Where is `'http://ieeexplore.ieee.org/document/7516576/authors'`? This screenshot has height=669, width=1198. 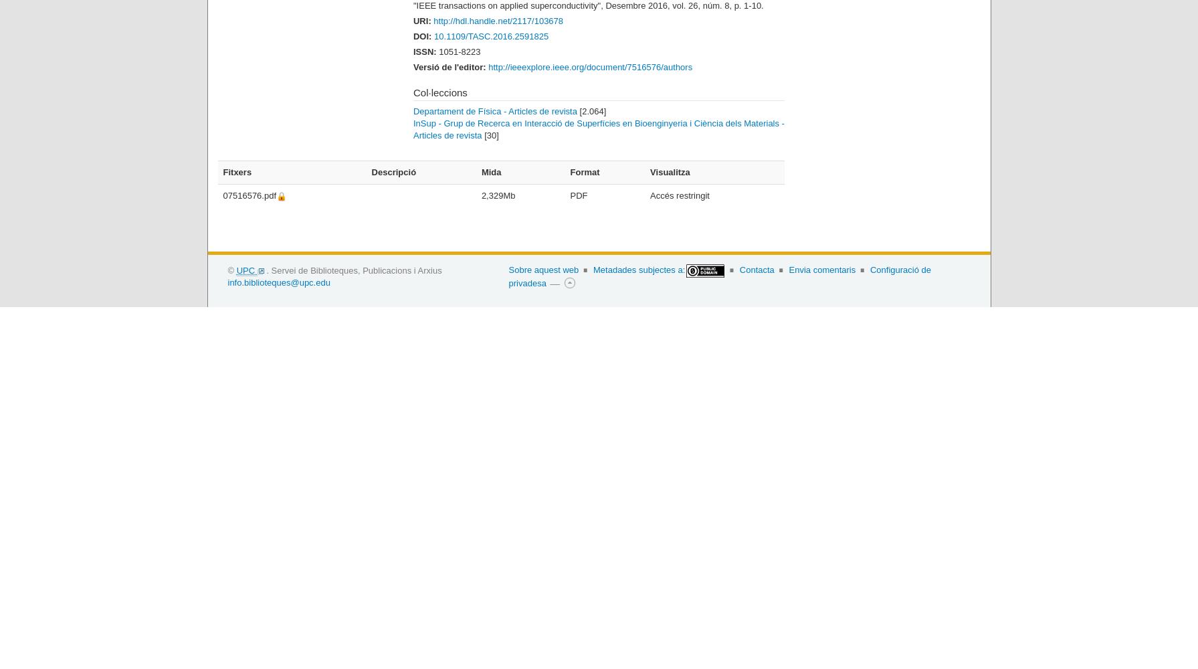
'http://ieeexplore.ieee.org/document/7516576/authors' is located at coordinates (590, 66).